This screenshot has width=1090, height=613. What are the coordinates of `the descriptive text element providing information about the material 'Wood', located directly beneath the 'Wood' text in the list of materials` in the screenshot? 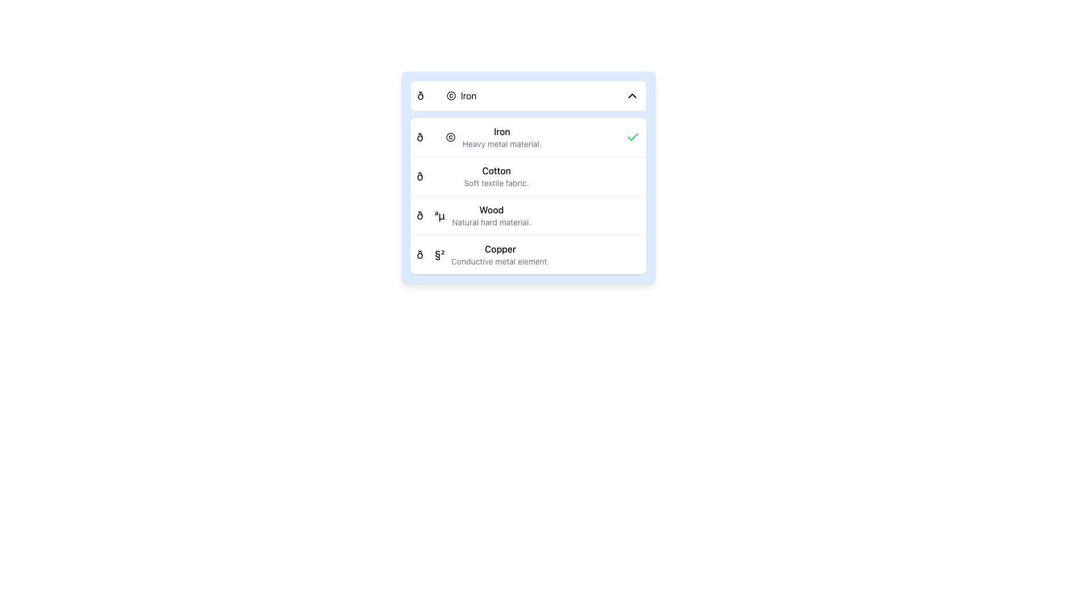 It's located at (491, 222).